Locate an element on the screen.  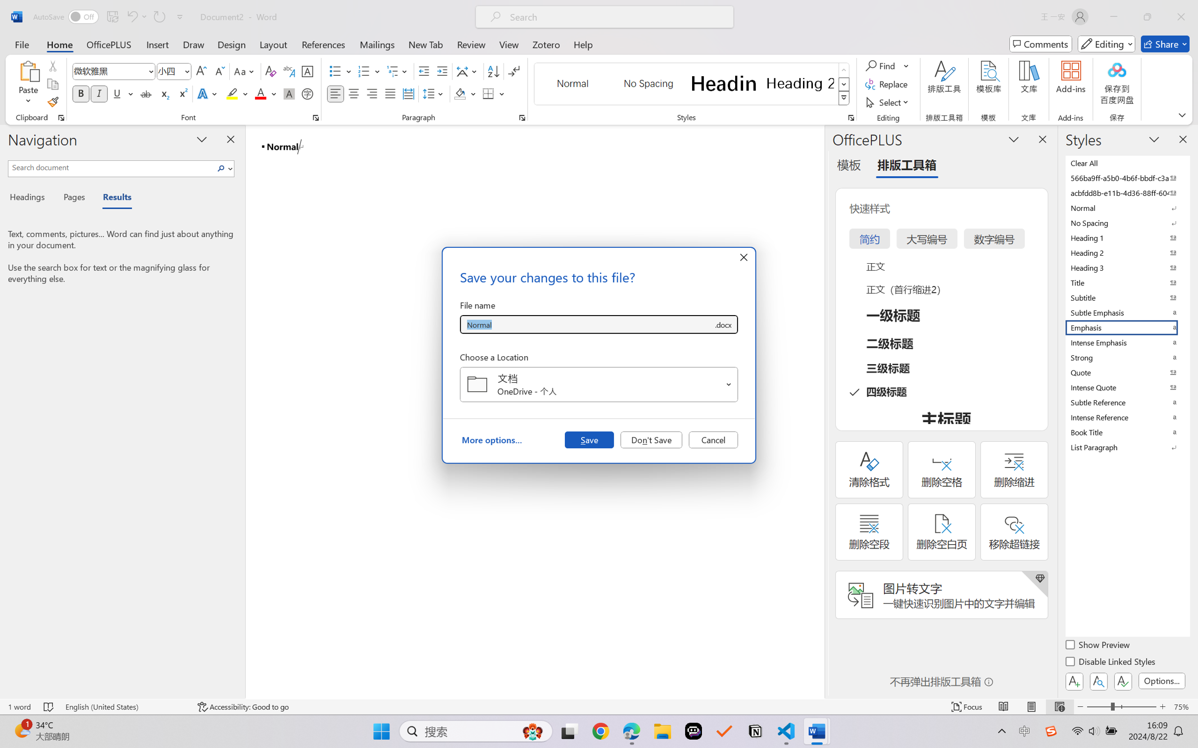
'OfficePLUS' is located at coordinates (108, 44).